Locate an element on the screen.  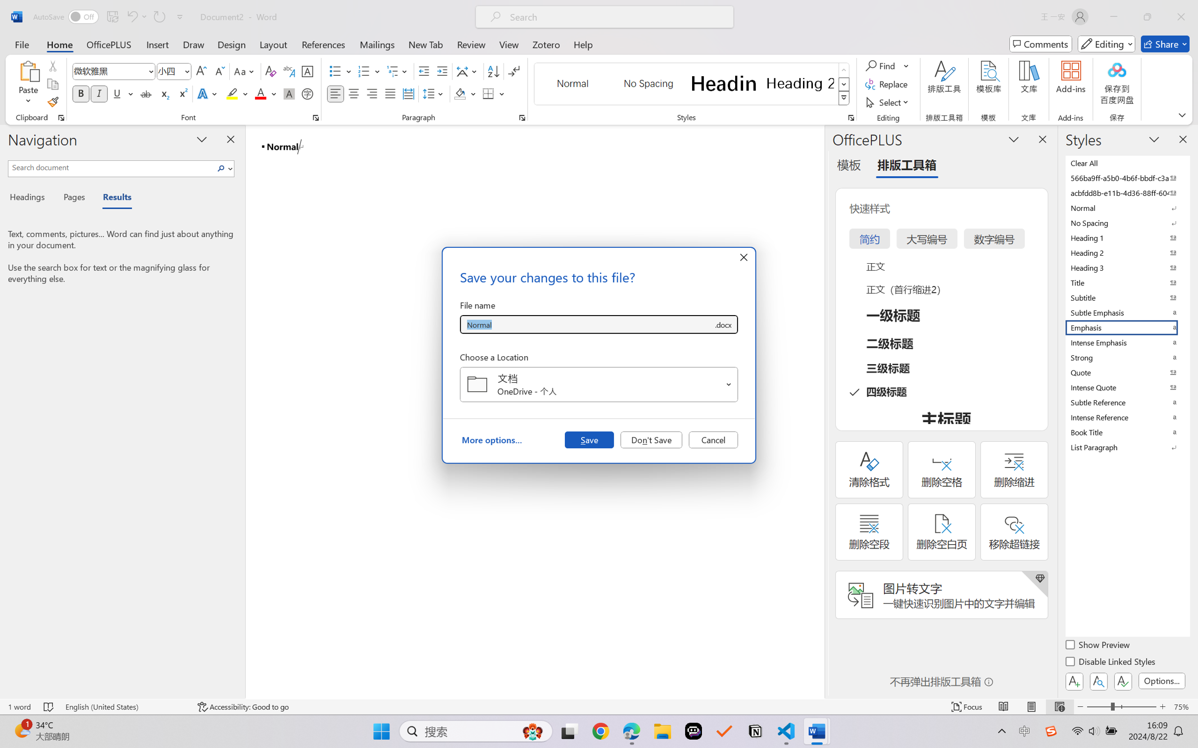
'OfficePLUS' is located at coordinates (108, 44).